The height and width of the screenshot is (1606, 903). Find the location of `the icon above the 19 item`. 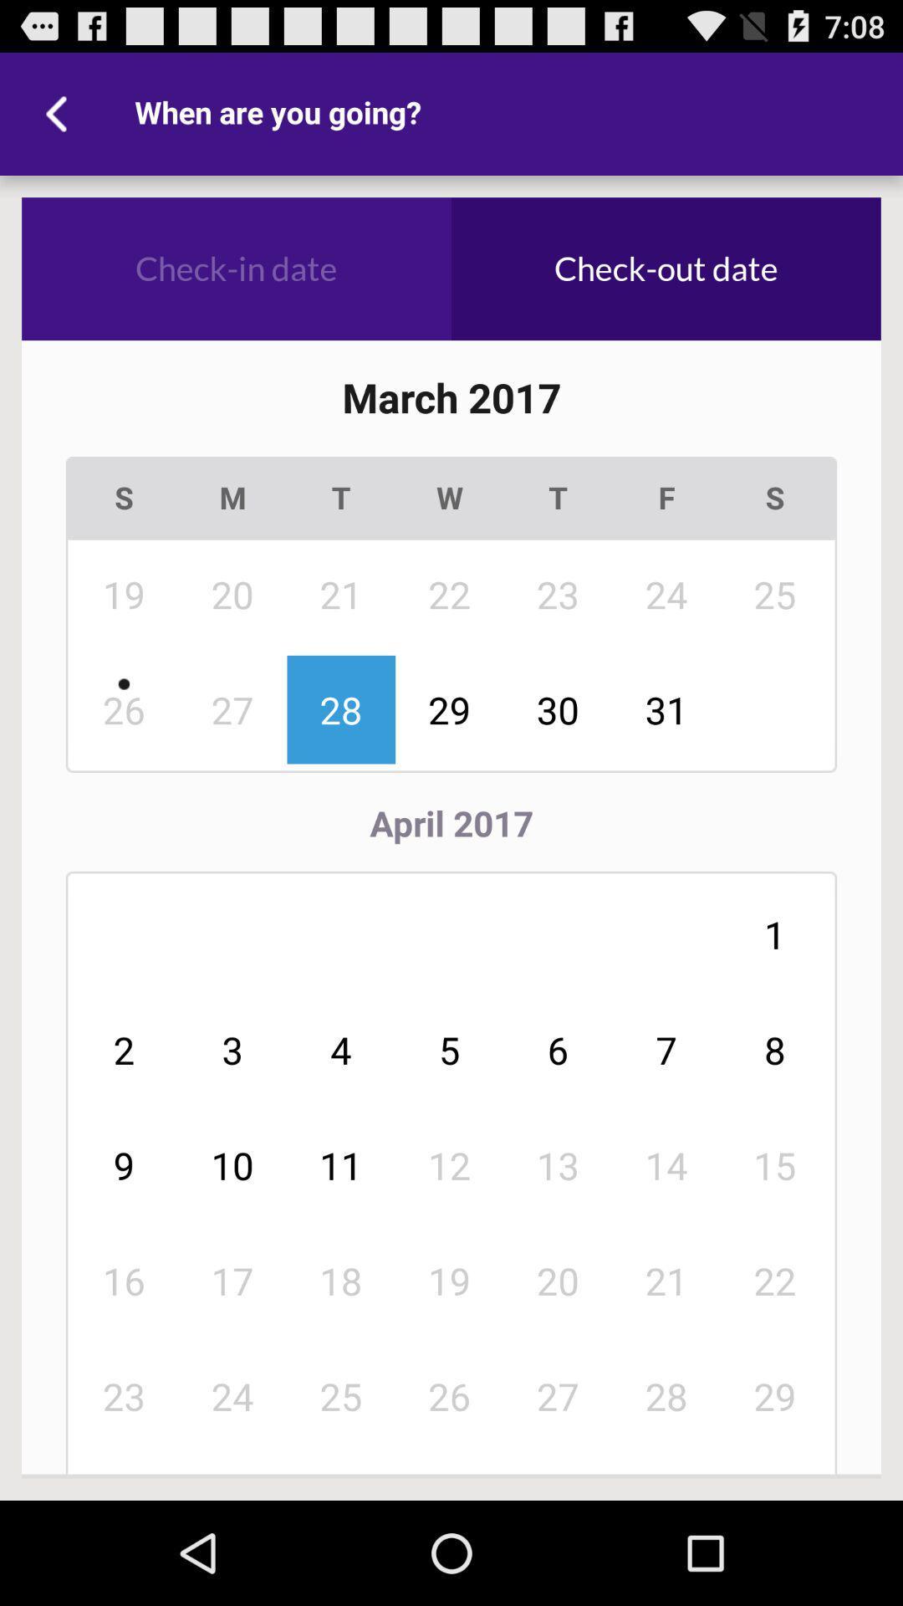

the icon above the 19 item is located at coordinates (232, 497).